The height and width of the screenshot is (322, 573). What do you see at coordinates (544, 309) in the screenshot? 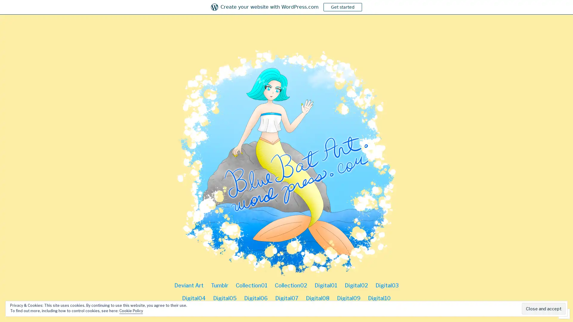
I see `Close and accept` at bounding box center [544, 309].